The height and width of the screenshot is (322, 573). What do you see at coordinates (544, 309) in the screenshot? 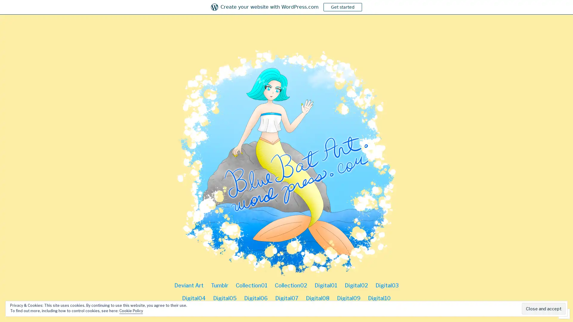
I see `Close and accept` at bounding box center [544, 309].